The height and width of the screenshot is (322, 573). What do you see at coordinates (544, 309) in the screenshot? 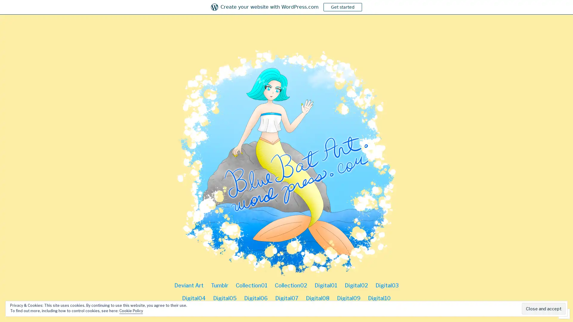
I see `Close and accept` at bounding box center [544, 309].